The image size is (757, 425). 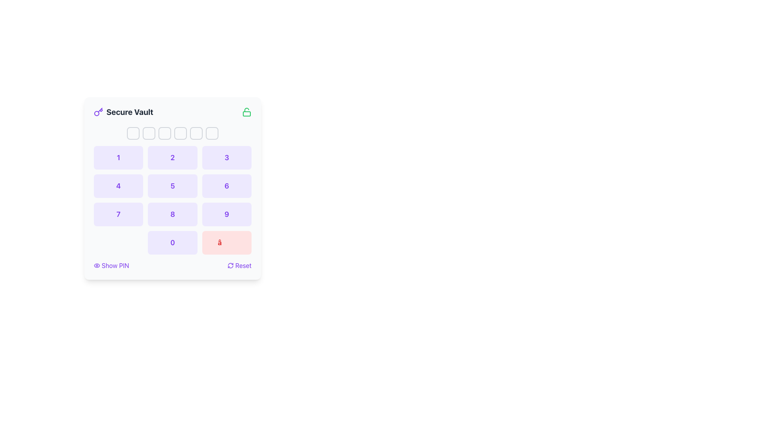 What do you see at coordinates (172, 158) in the screenshot?
I see `the light violet button labeled '2' located in the center of the top row of the grid in the 'Secure Vault' panel to input the digit` at bounding box center [172, 158].